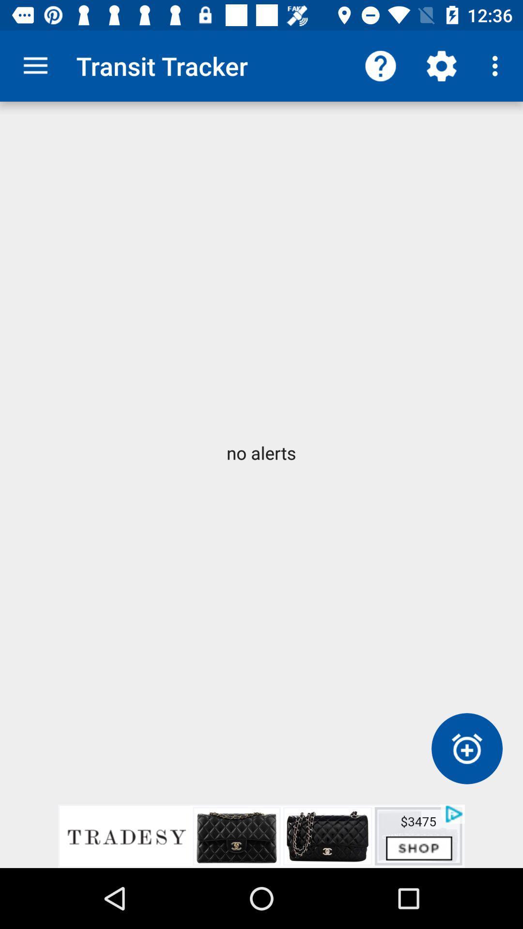 The image size is (523, 929). Describe the element at coordinates (466, 748) in the screenshot. I see `the time icon` at that location.